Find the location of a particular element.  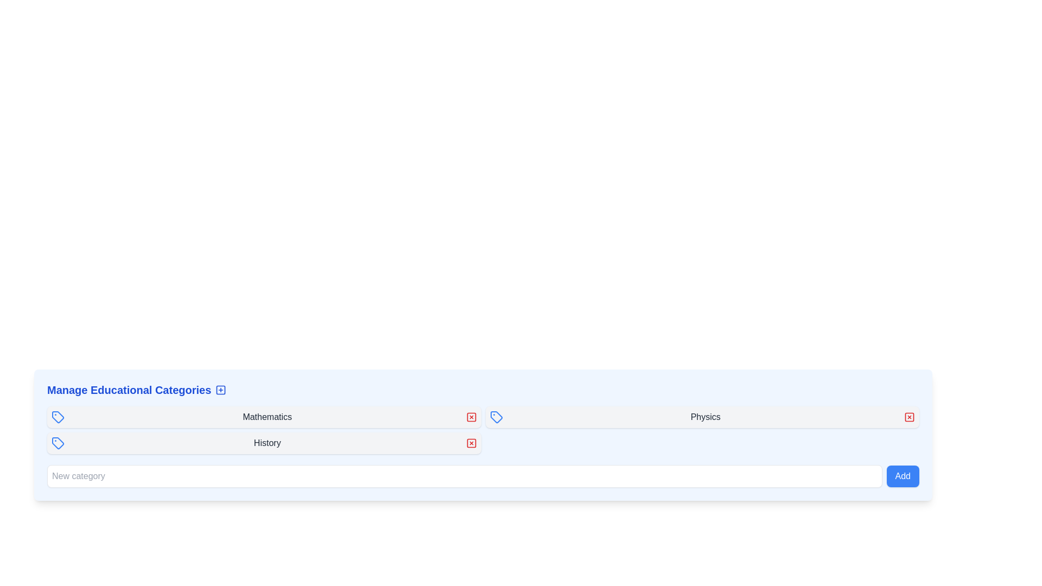

the delete button located at the far-right edge of the row for 'Mathematics' is located at coordinates (471, 416).